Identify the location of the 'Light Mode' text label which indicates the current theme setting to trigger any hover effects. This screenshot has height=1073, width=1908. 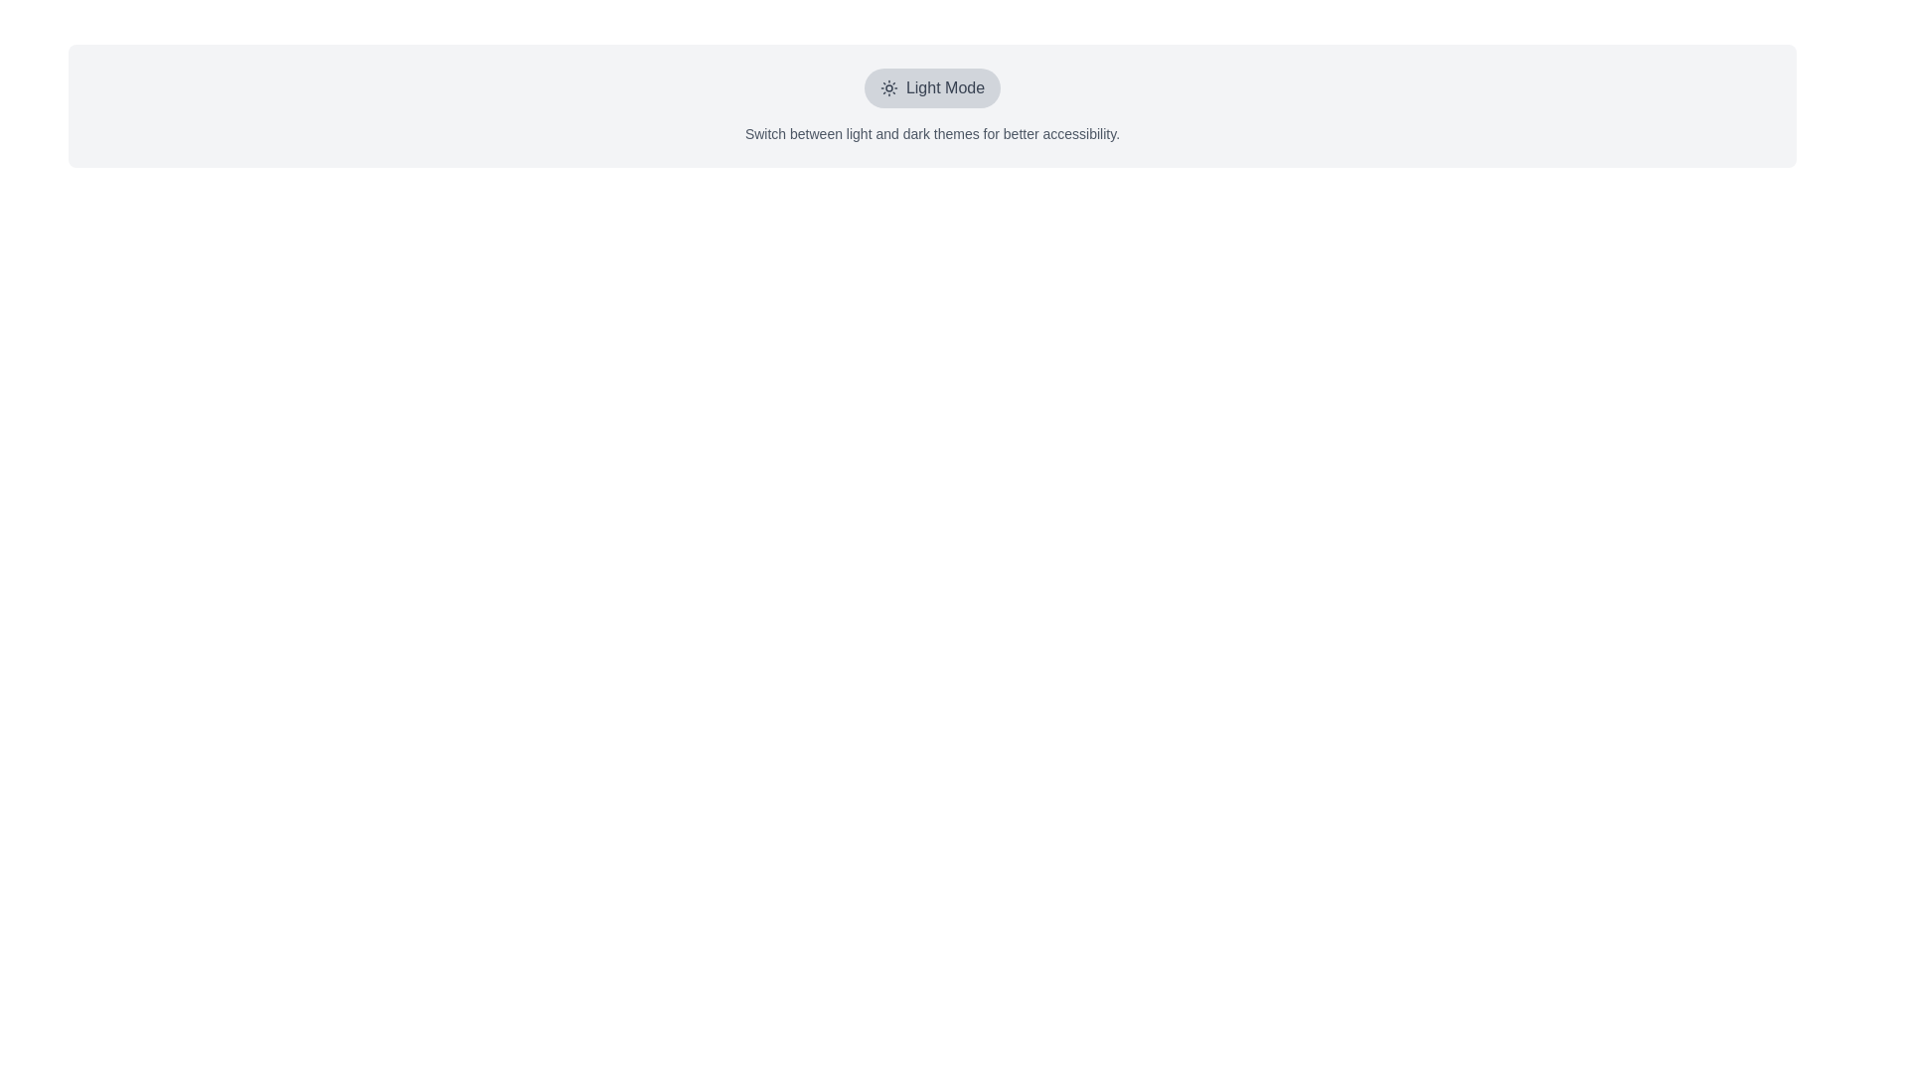
(944, 86).